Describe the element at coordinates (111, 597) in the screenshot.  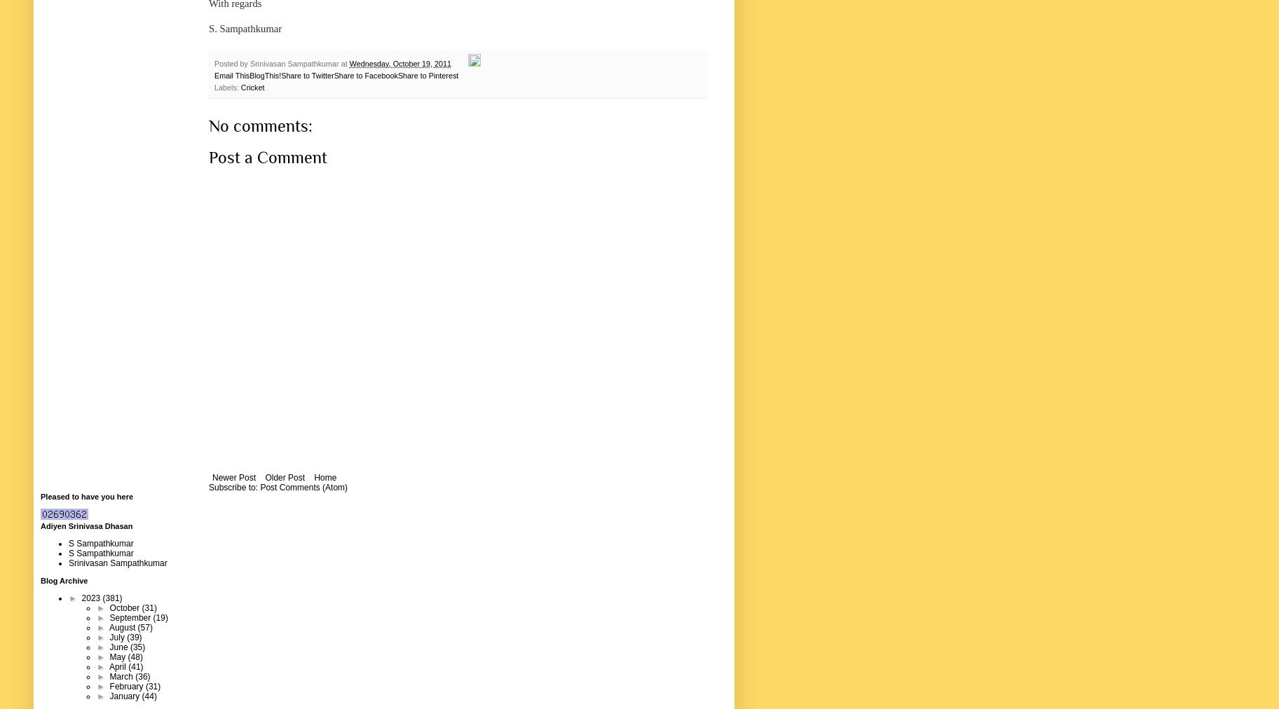
I see `'(381)'` at that location.